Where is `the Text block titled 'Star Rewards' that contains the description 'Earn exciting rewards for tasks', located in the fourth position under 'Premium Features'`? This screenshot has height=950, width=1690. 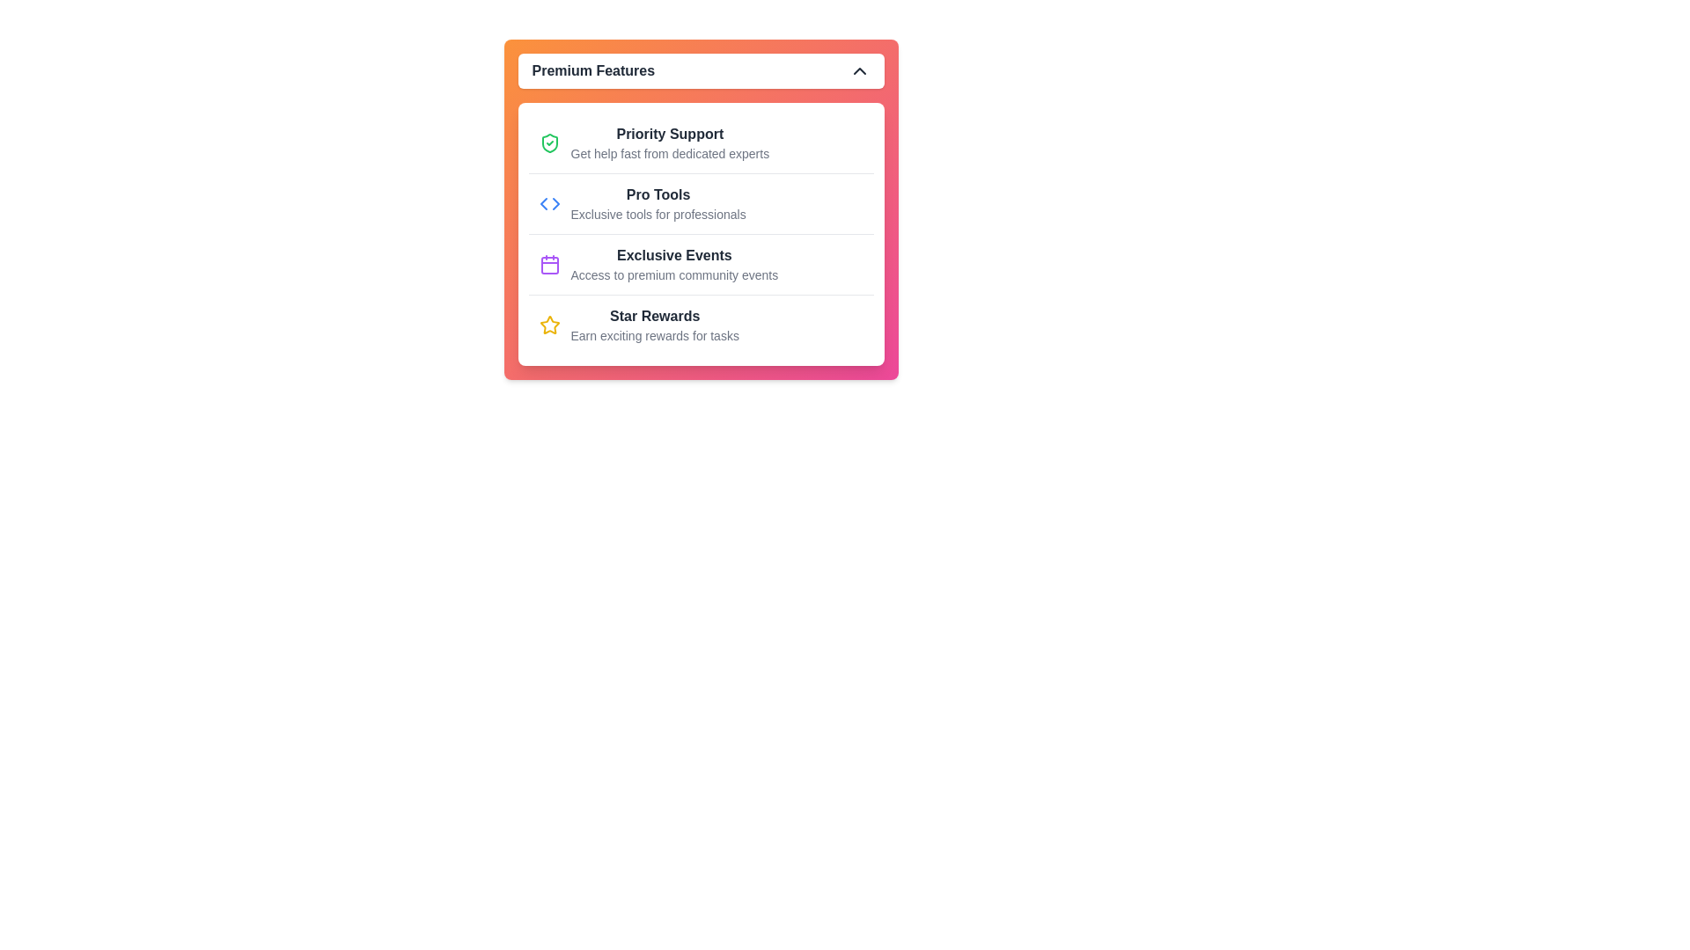
the Text block titled 'Star Rewards' that contains the description 'Earn exciting rewards for tasks', located in the fourth position under 'Premium Features' is located at coordinates (654, 325).